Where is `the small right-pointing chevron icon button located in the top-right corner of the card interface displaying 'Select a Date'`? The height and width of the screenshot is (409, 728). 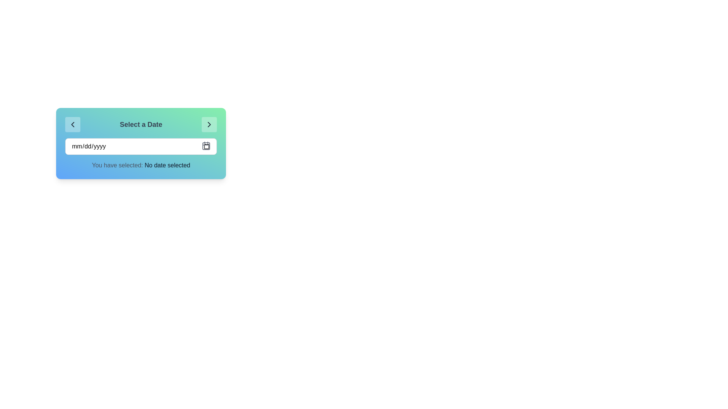
the small right-pointing chevron icon button located in the top-right corner of the card interface displaying 'Select a Date' is located at coordinates (209, 124).